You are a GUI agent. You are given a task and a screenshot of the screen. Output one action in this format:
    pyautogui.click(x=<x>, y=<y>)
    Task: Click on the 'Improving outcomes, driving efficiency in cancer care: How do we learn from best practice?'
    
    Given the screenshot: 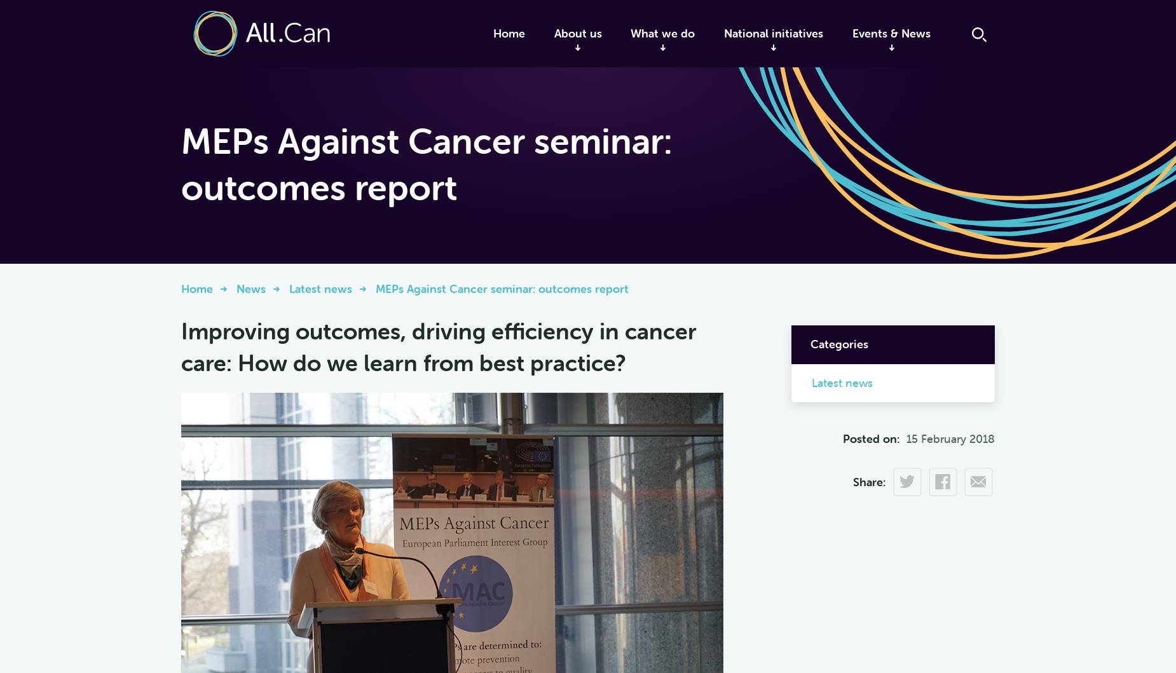 What is the action you would take?
    pyautogui.click(x=438, y=346)
    